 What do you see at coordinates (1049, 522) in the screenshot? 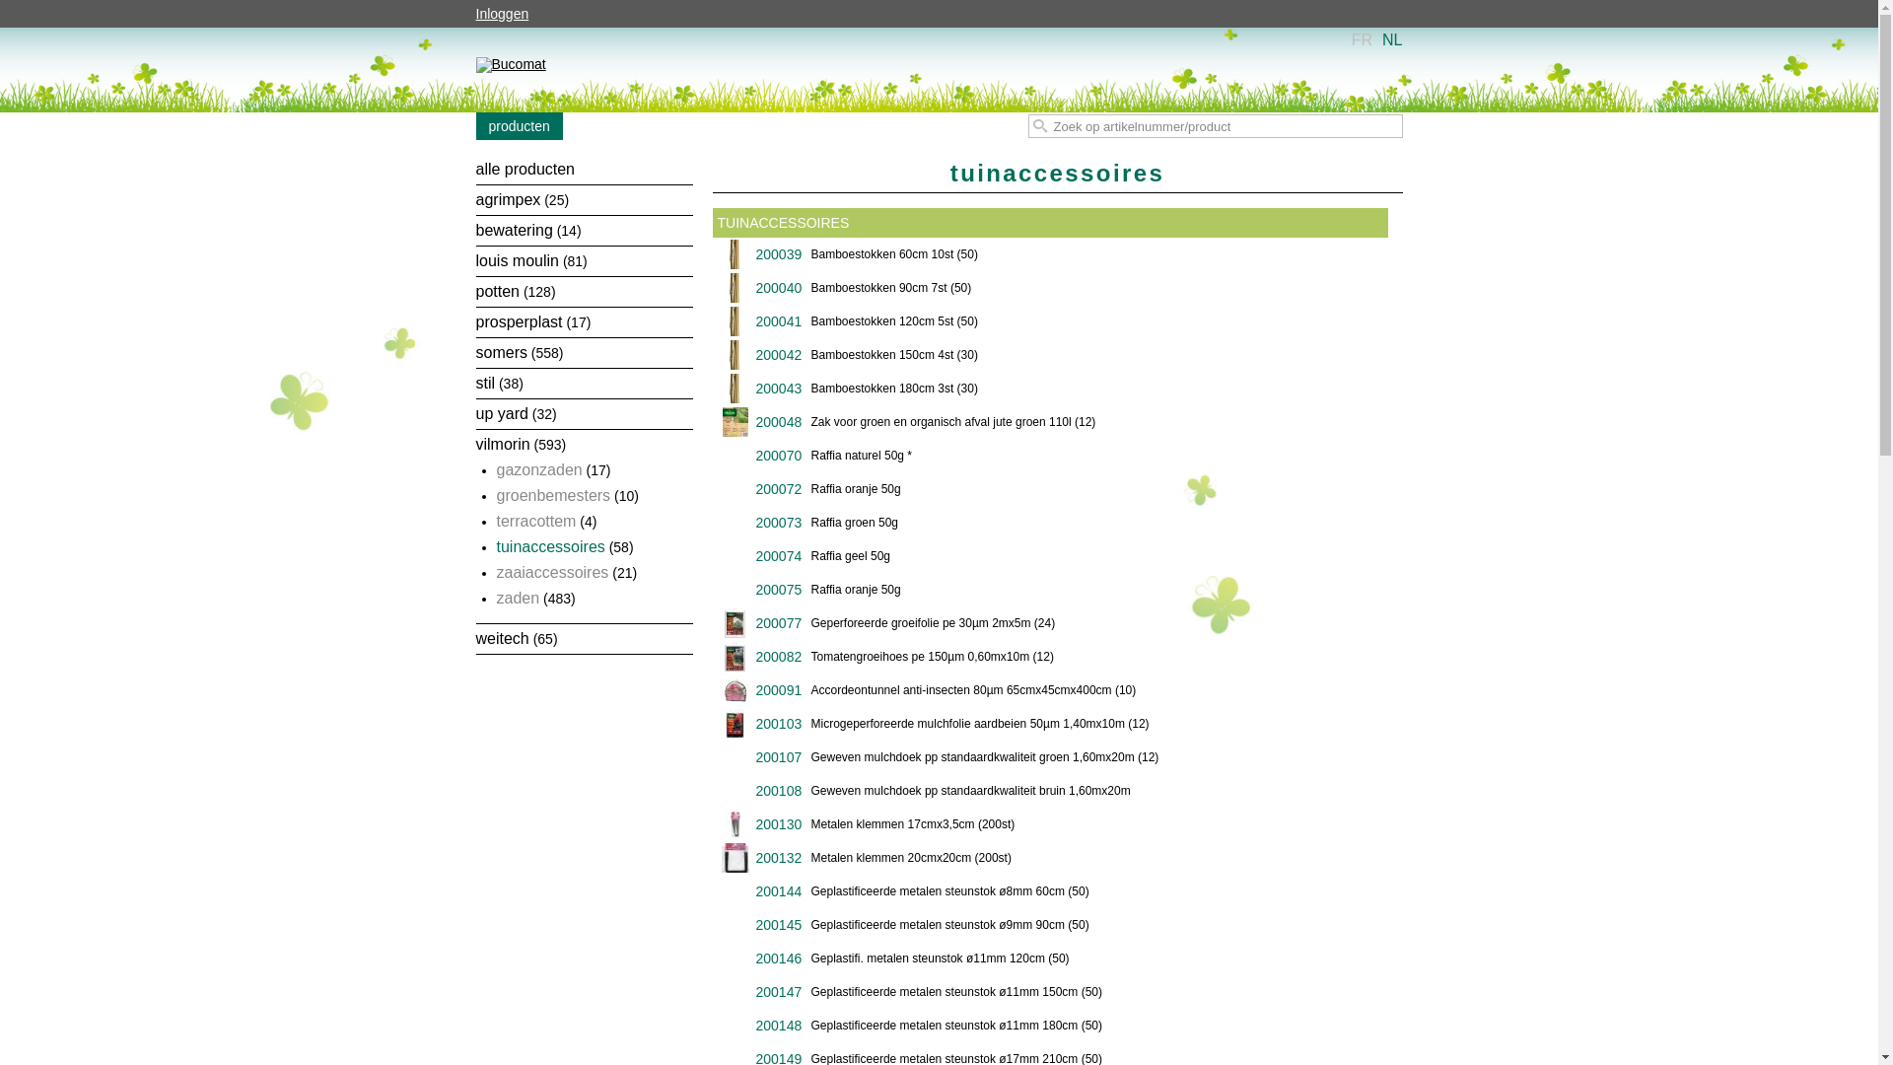
I see `'200073 raffia groen 50g'` at bounding box center [1049, 522].